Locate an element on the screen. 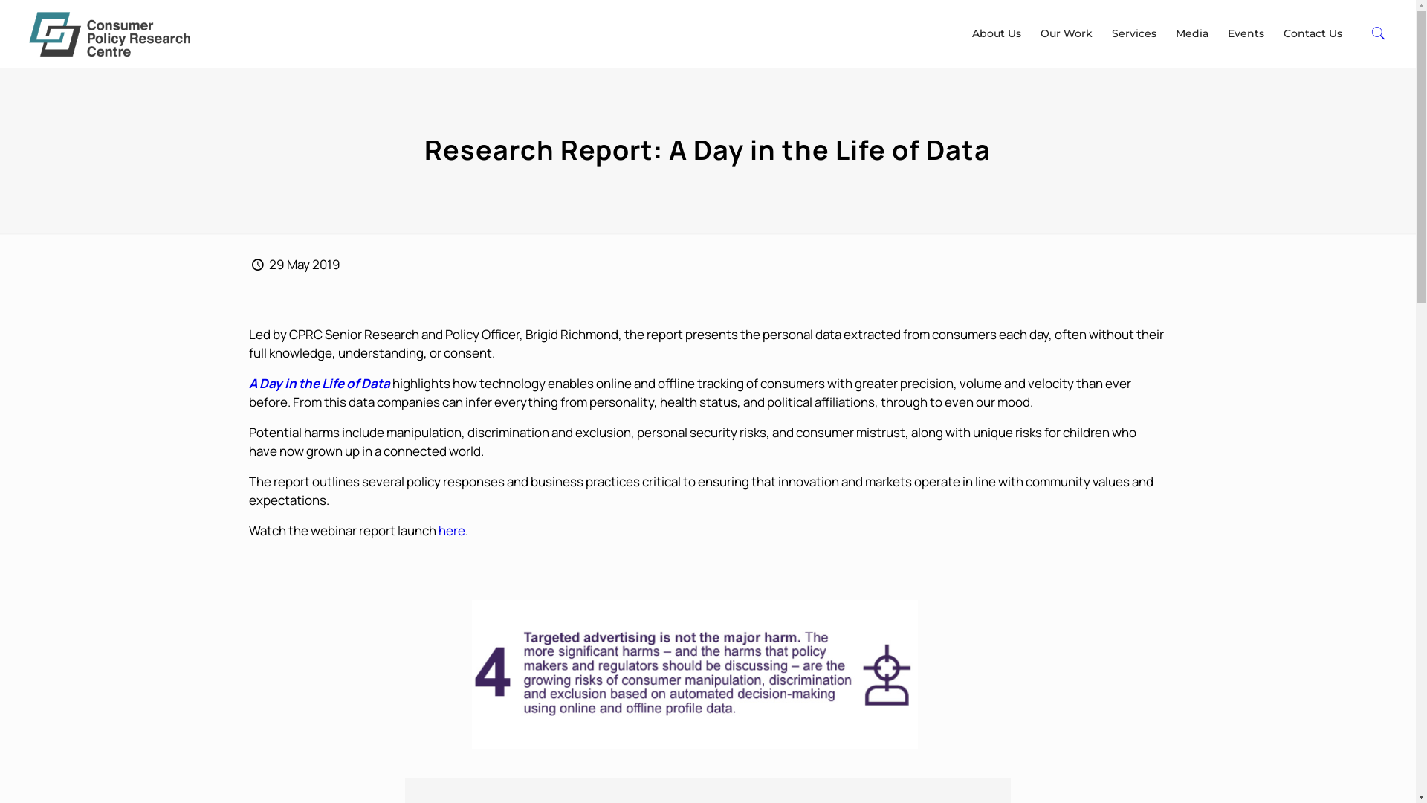 Image resolution: width=1427 pixels, height=803 pixels. 'A Day in the Life of Data' is located at coordinates (319, 382).